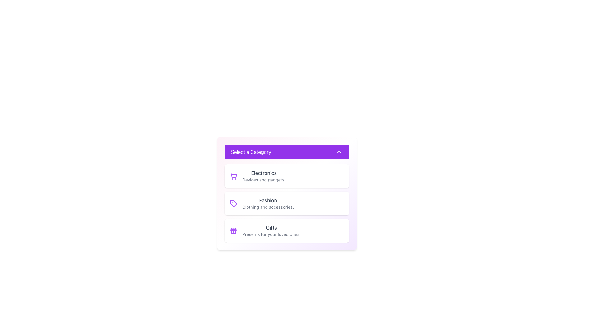  What do you see at coordinates (264, 180) in the screenshot?
I see `the Text Label that provides a descriptive supplement to the category title 'Electronics', located beneath the title in the first category section of the dropdown interface` at bounding box center [264, 180].